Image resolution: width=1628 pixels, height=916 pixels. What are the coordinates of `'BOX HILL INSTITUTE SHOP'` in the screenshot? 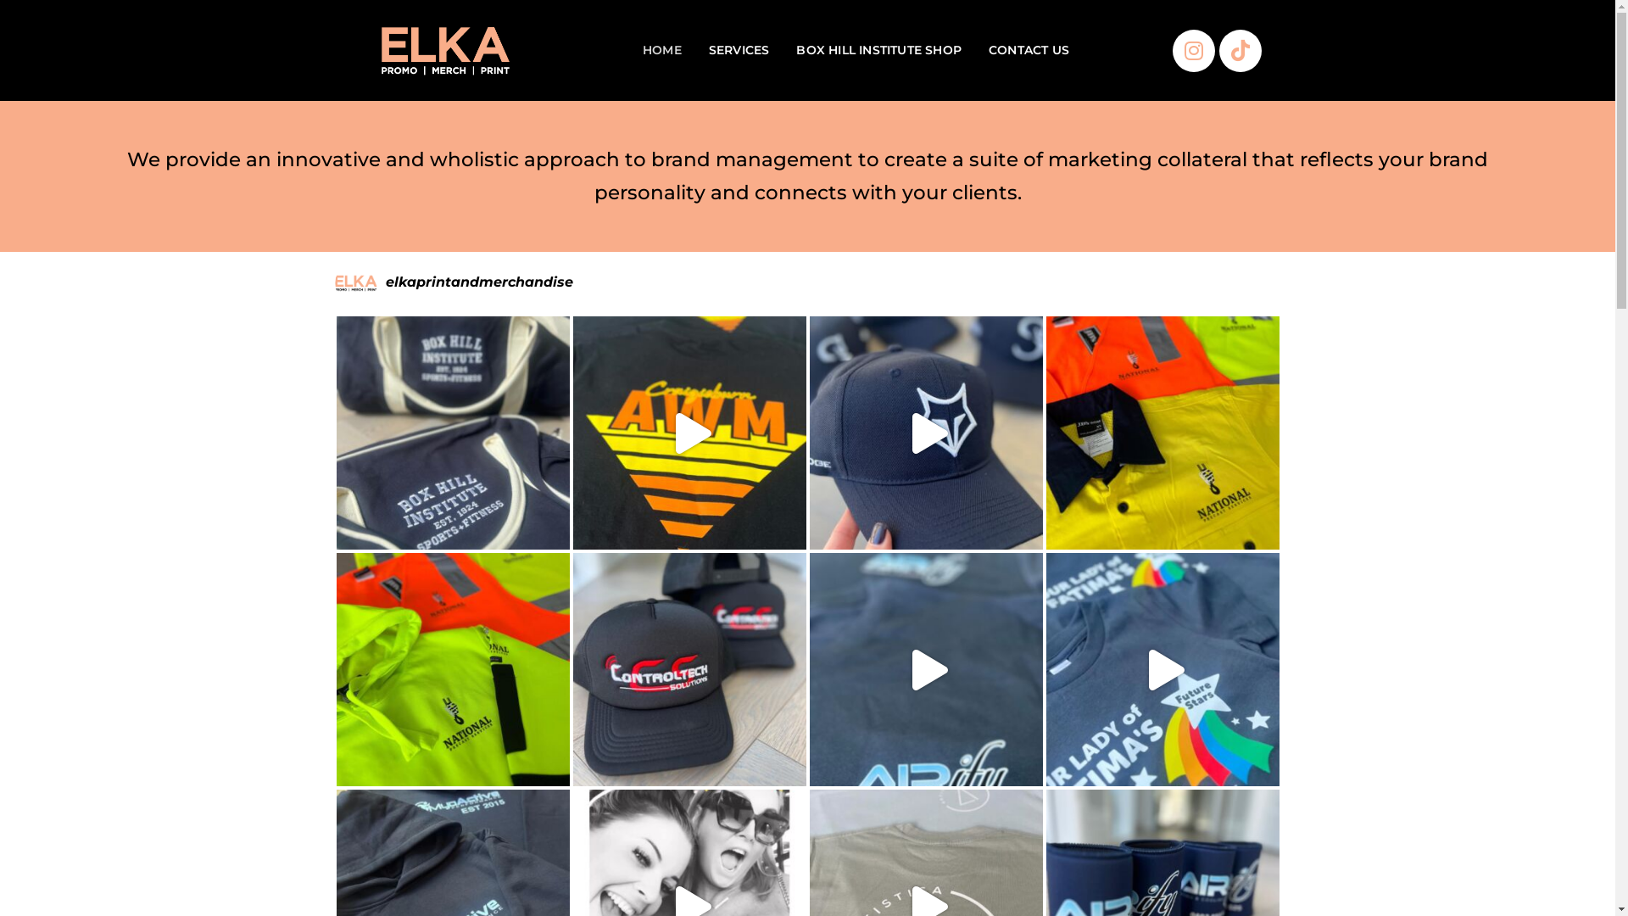 It's located at (878, 49).